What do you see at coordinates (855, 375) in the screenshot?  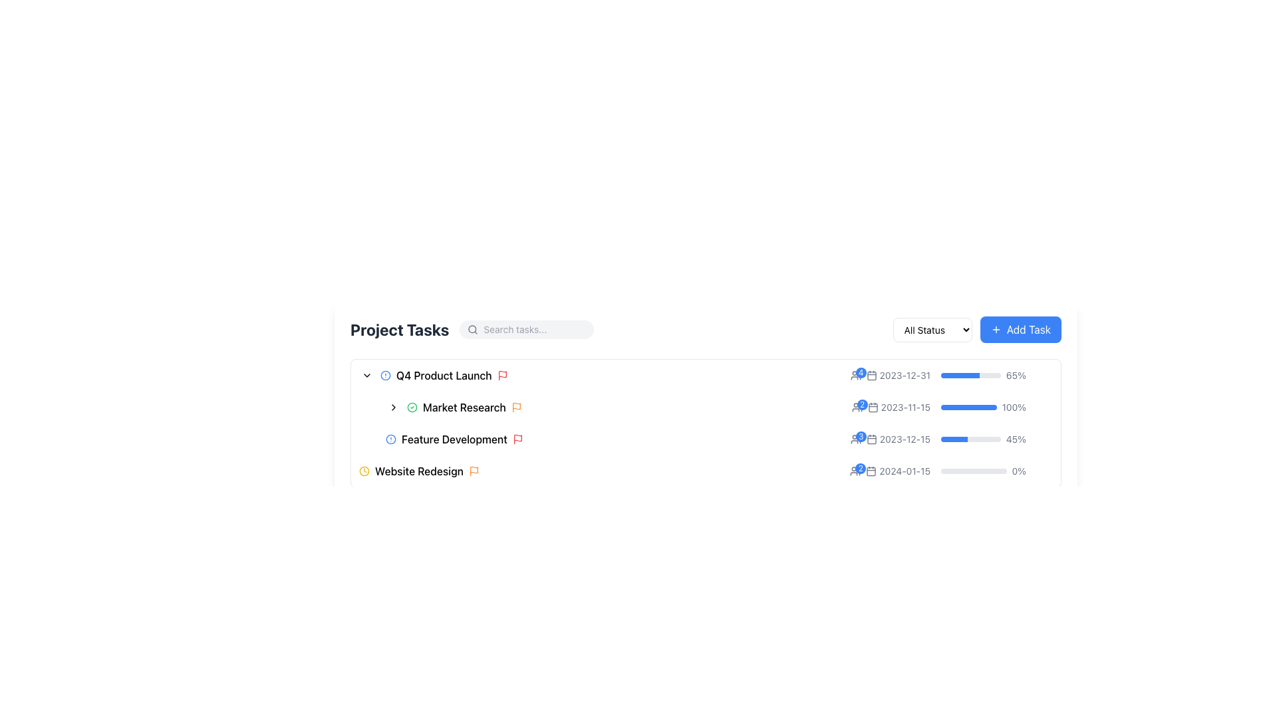 I see `the user icon with a numeric badge displaying '4' located to the left of the date text '2023-12-31'` at bounding box center [855, 375].